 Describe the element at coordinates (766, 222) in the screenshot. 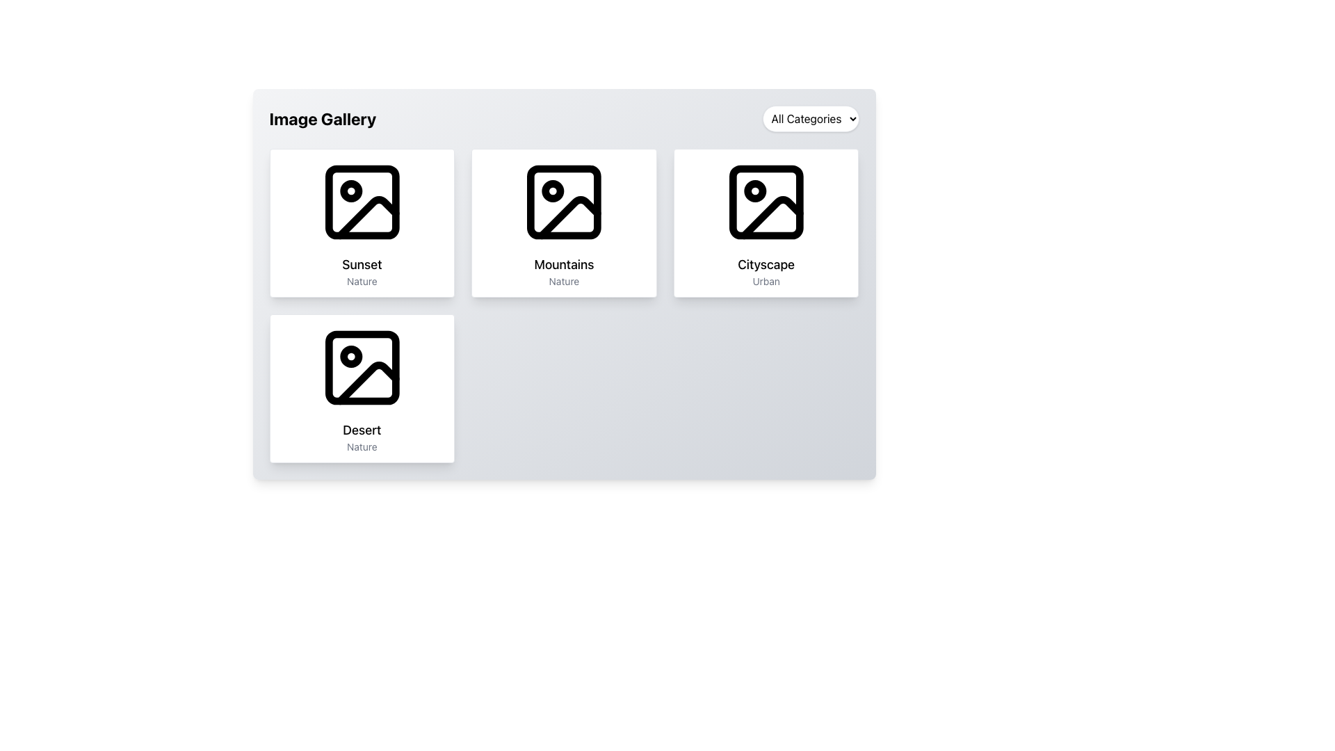

I see `the 'Cityscape' and 'Urban' card in the image gallery` at that location.